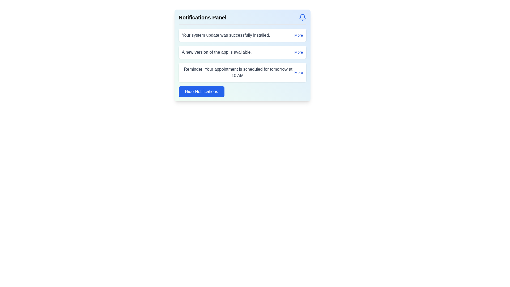 The width and height of the screenshot is (510, 287). What do you see at coordinates (226, 35) in the screenshot?
I see `the static notification message indicating successful installation of a system update, which is positioned to the left of the 'More' button in the topmost notification` at bounding box center [226, 35].